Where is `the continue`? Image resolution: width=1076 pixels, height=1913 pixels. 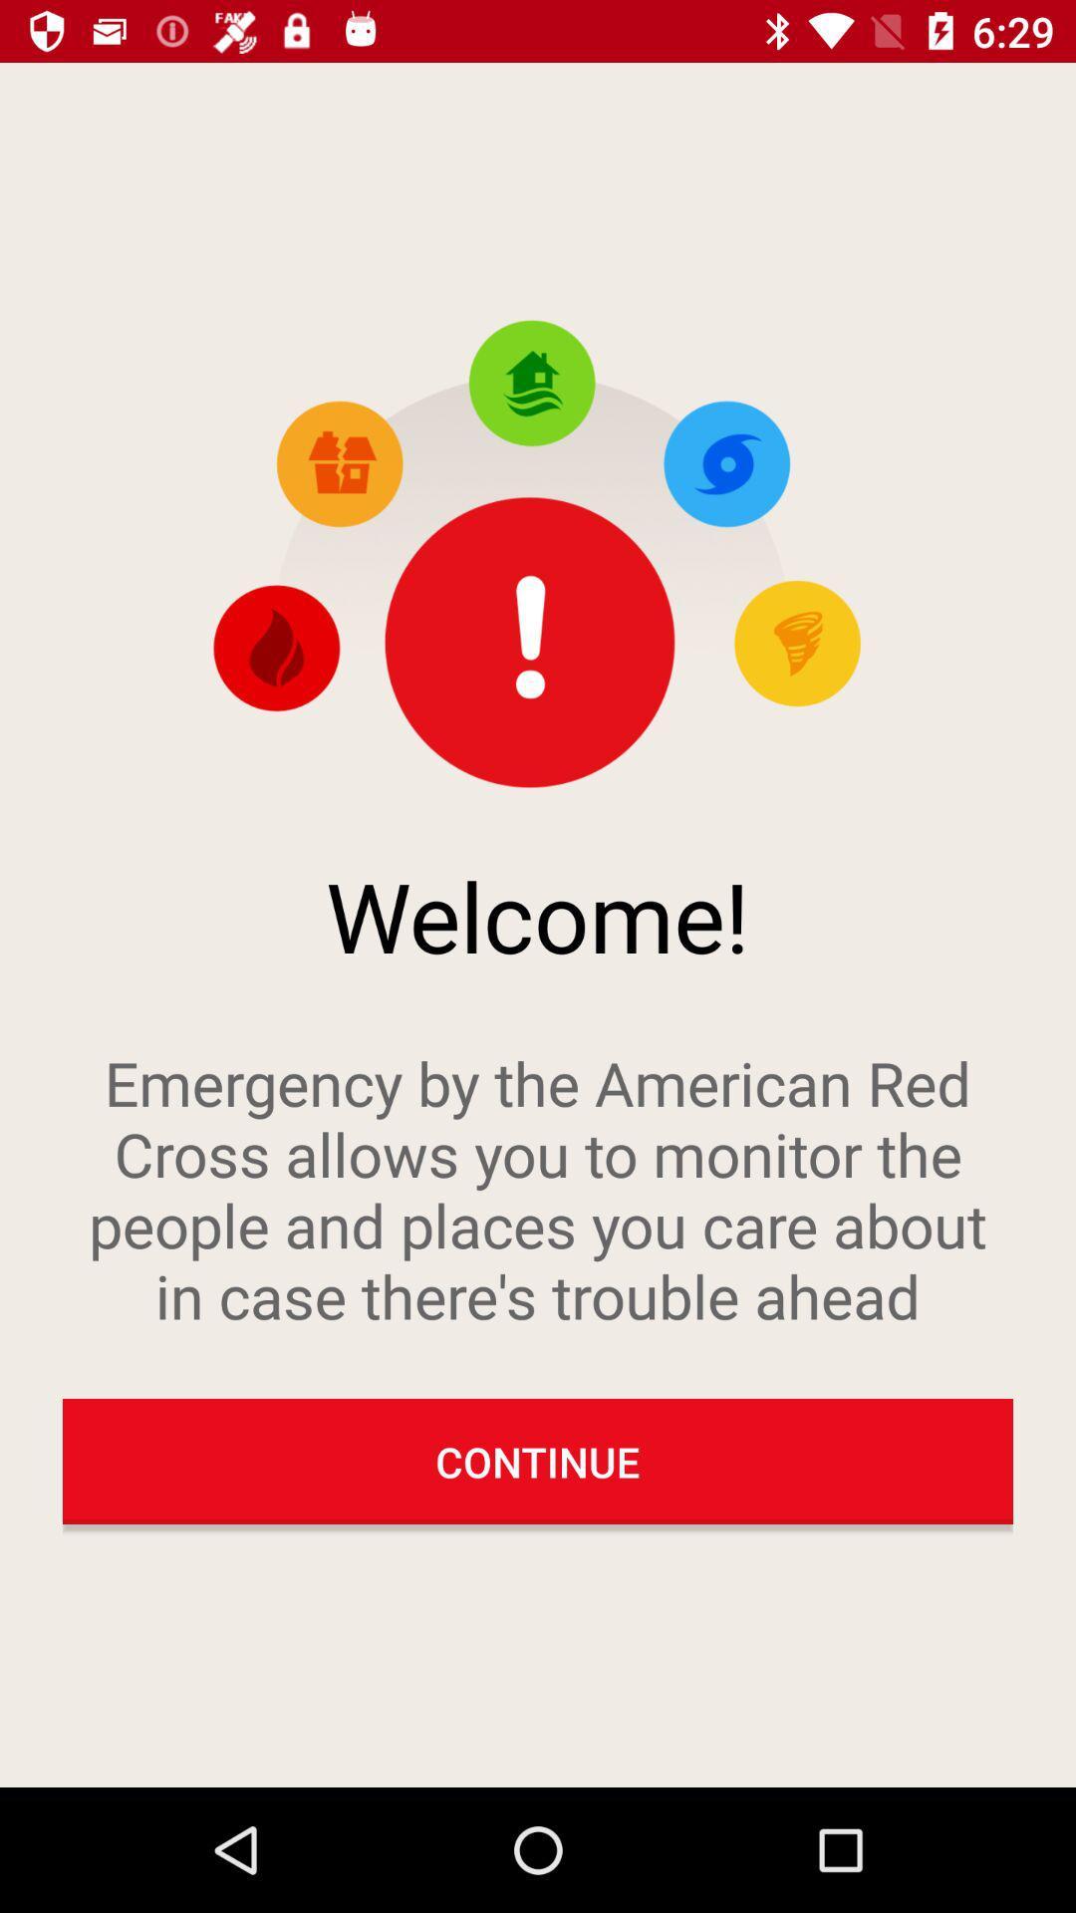
the continue is located at coordinates (538, 1462).